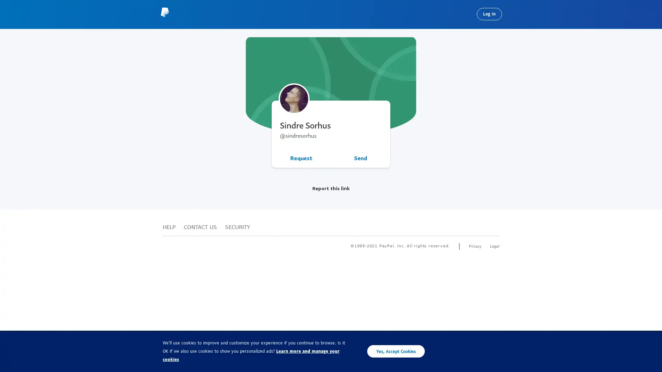 This screenshot has width=662, height=372. I want to click on Yes, Accept Cookies, so click(396, 351).